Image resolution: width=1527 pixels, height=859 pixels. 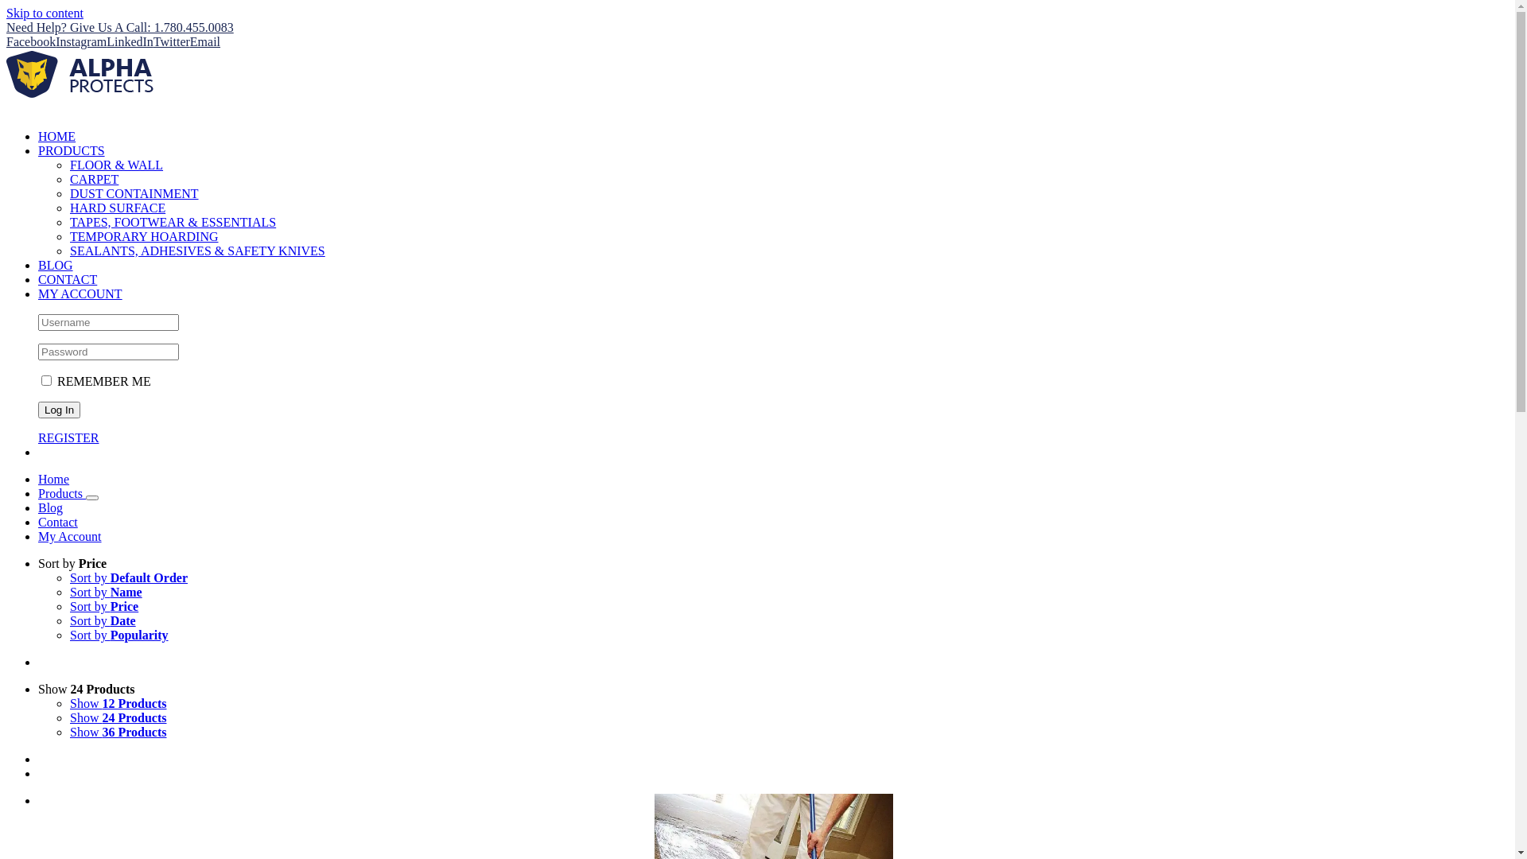 What do you see at coordinates (190, 41) in the screenshot?
I see `'Email'` at bounding box center [190, 41].